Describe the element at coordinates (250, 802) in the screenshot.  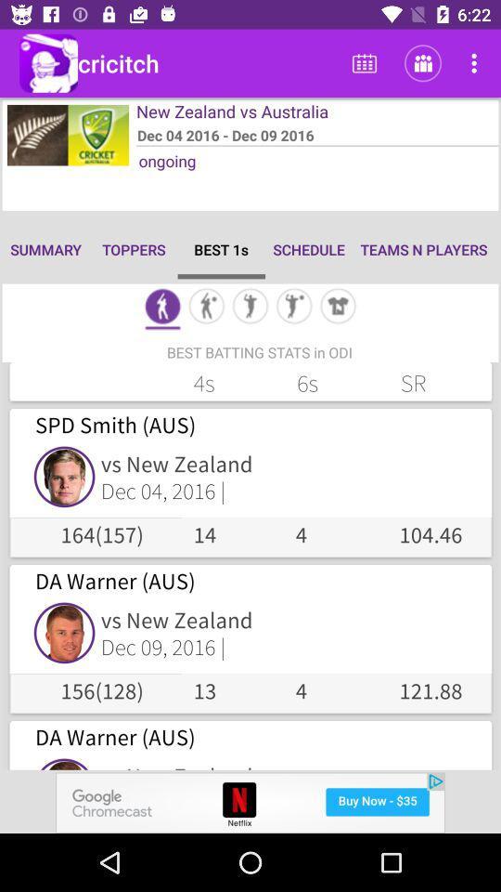
I see `advertising` at that location.